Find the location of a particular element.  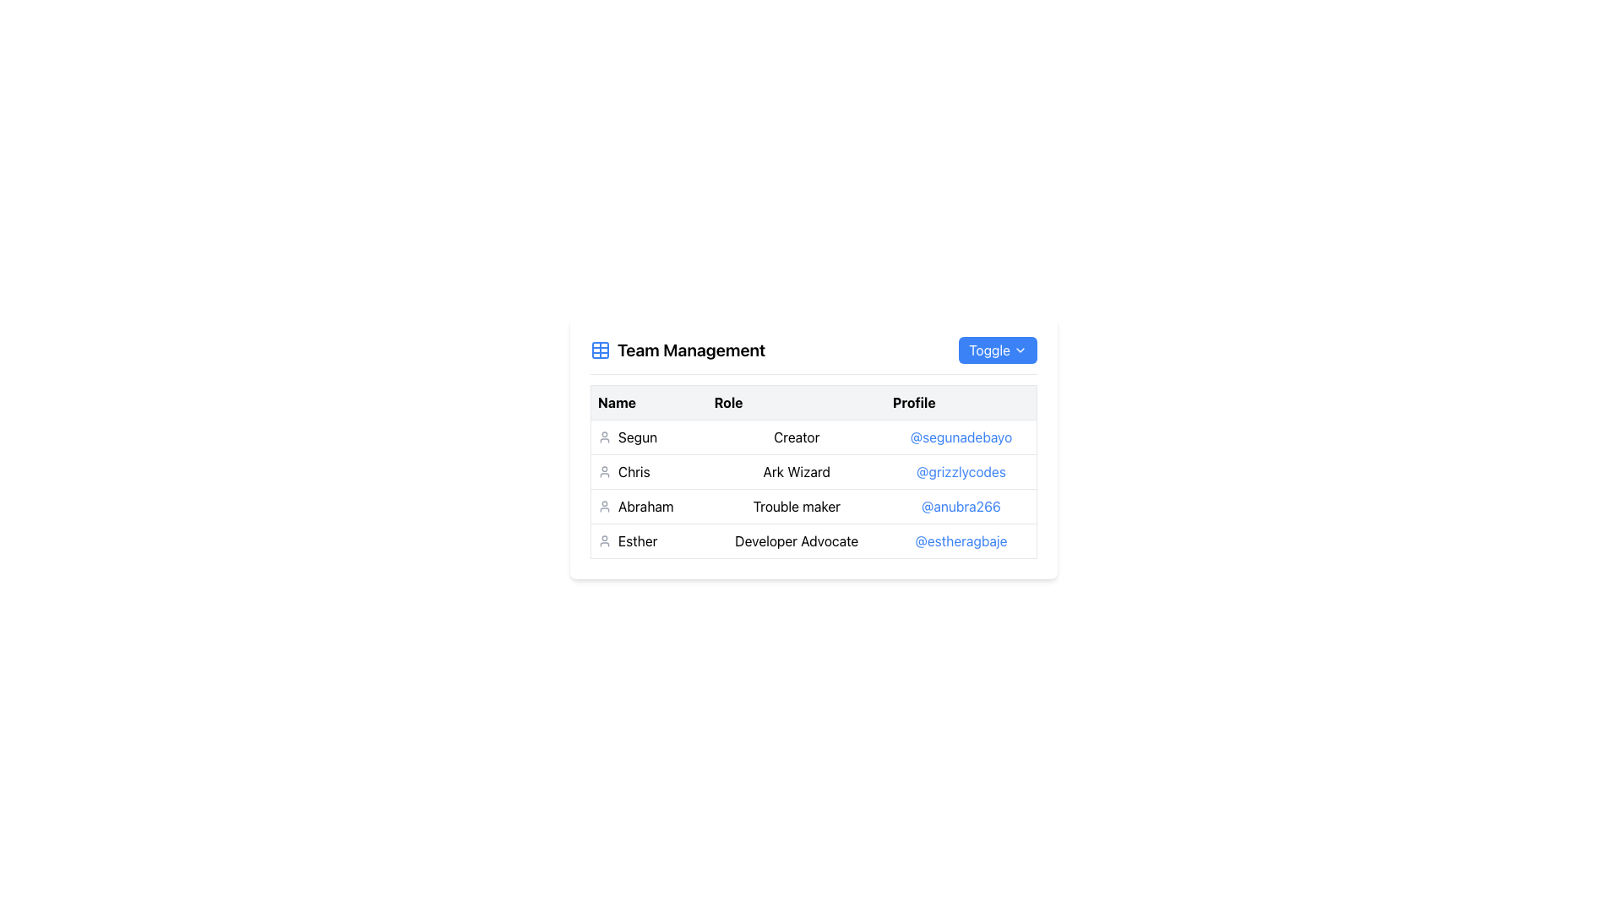

the Text Label that displays the role associated with 'Chris', located in the second column of the second row of the table, between 'Chris' and '@grizzlycodes' is located at coordinates (796, 472).